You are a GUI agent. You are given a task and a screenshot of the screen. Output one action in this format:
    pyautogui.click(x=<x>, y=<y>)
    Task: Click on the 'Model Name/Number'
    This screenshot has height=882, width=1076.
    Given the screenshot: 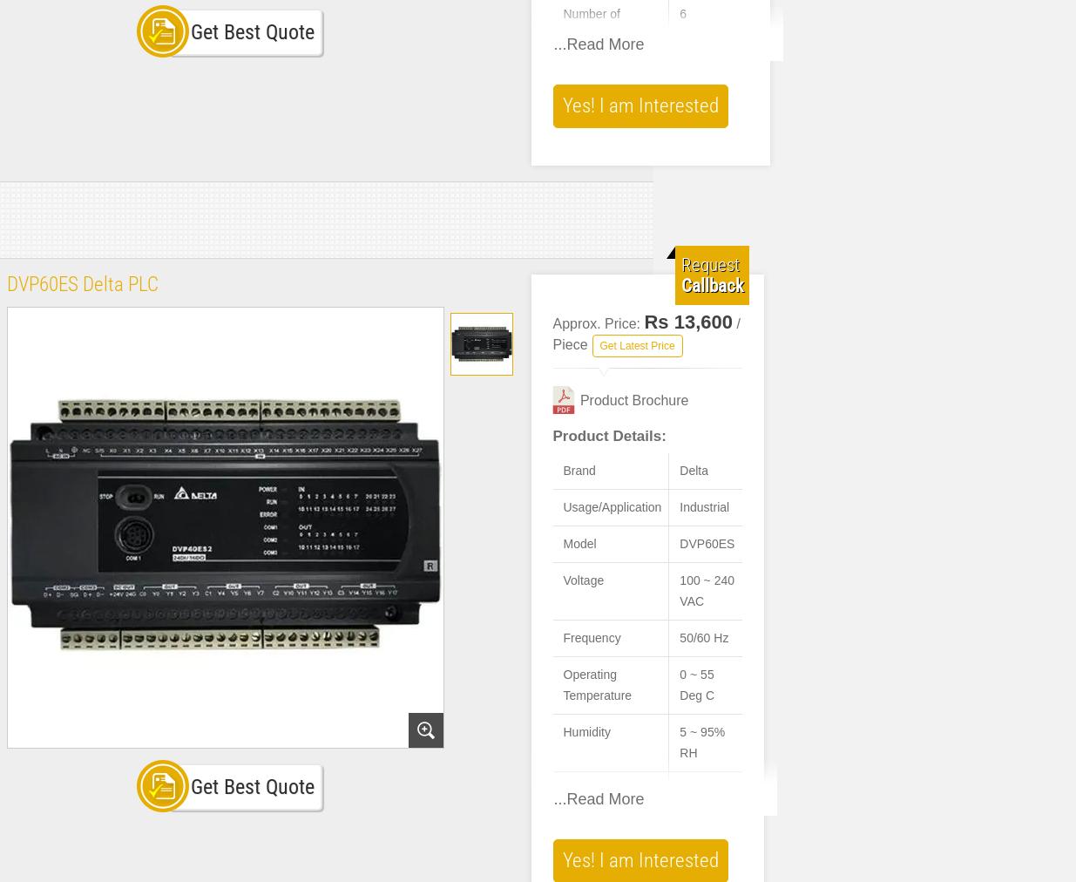 What is the action you would take?
    pyautogui.click(x=602, y=702)
    